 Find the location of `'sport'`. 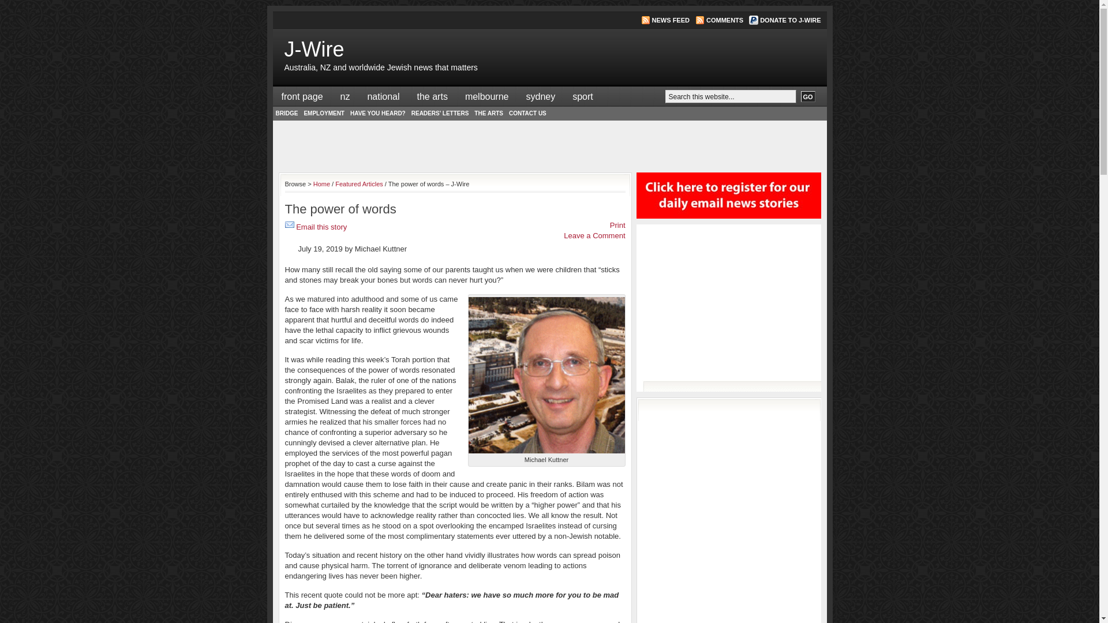

'sport' is located at coordinates (582, 96).